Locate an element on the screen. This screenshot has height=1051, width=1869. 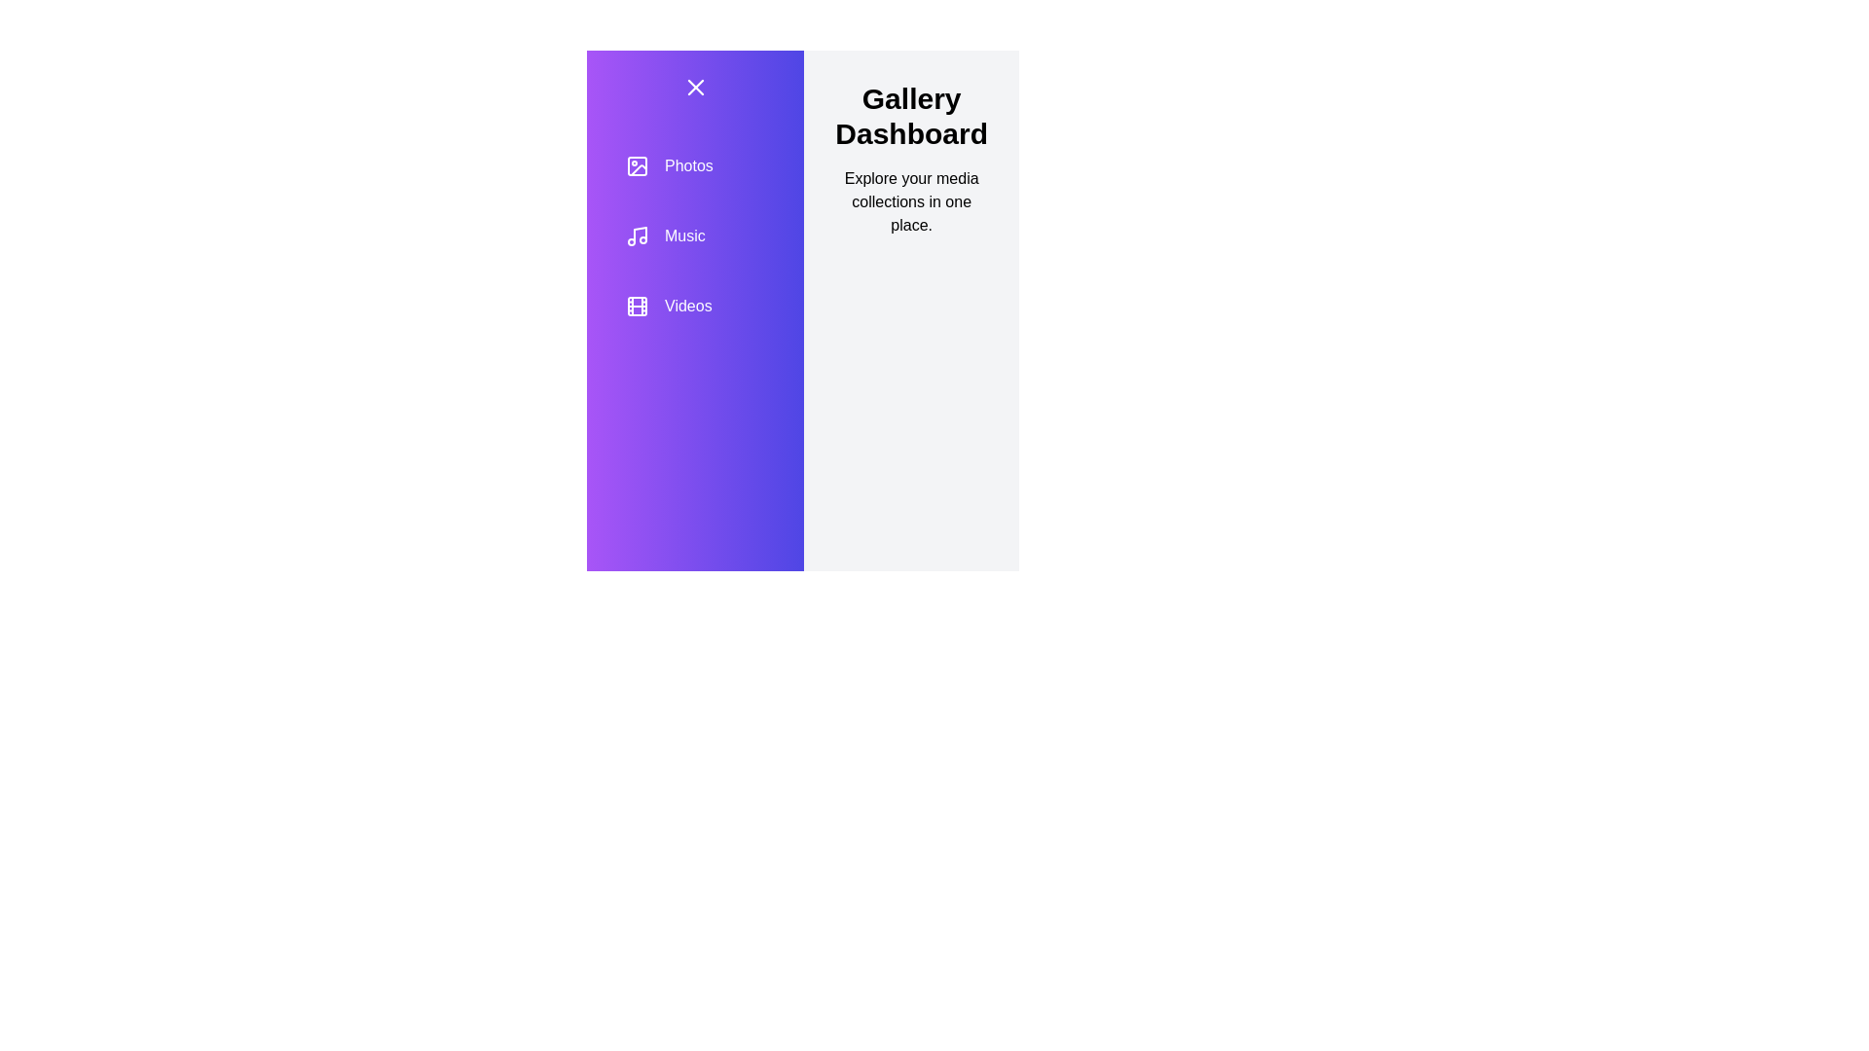
the category Music from the list is located at coordinates (695, 236).